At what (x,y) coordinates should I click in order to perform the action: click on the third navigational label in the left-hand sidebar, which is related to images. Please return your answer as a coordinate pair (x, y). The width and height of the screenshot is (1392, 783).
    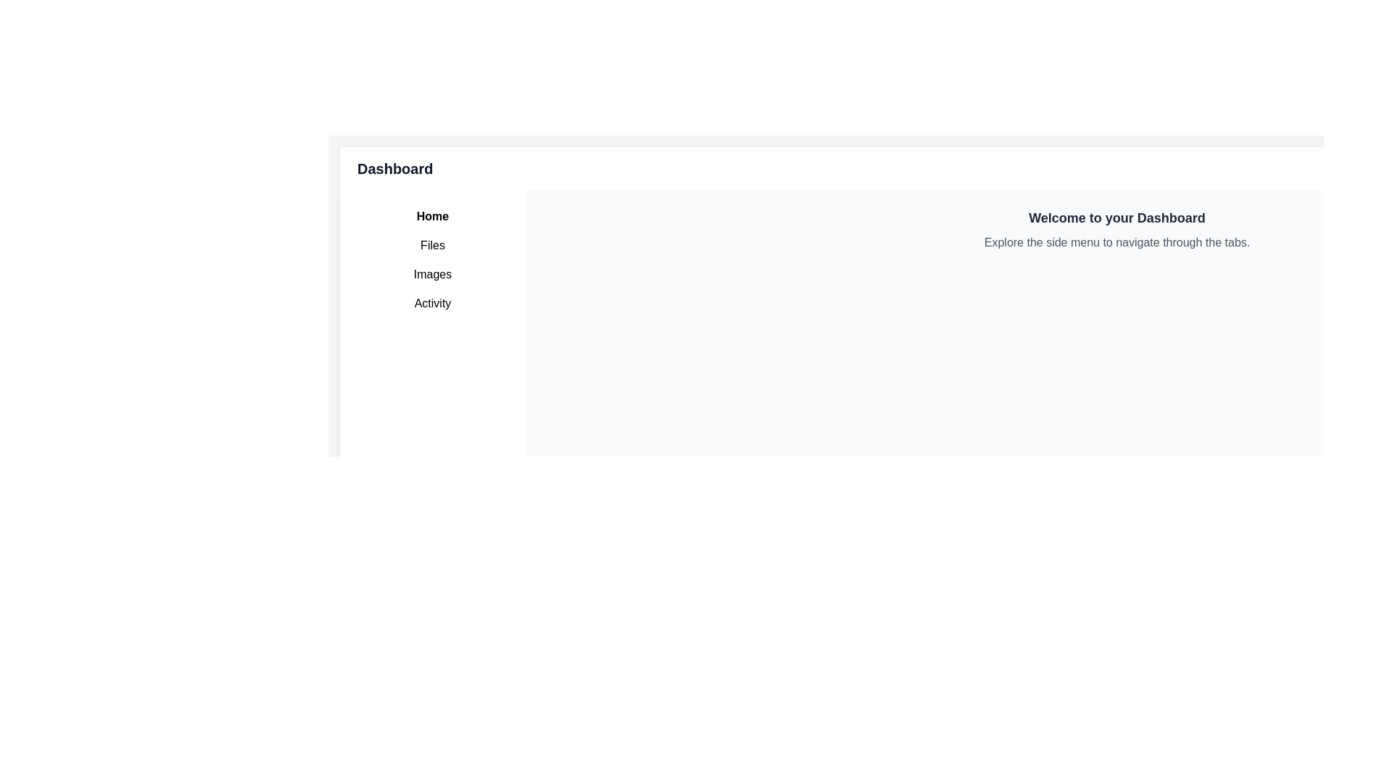
    Looking at the image, I should click on (431, 274).